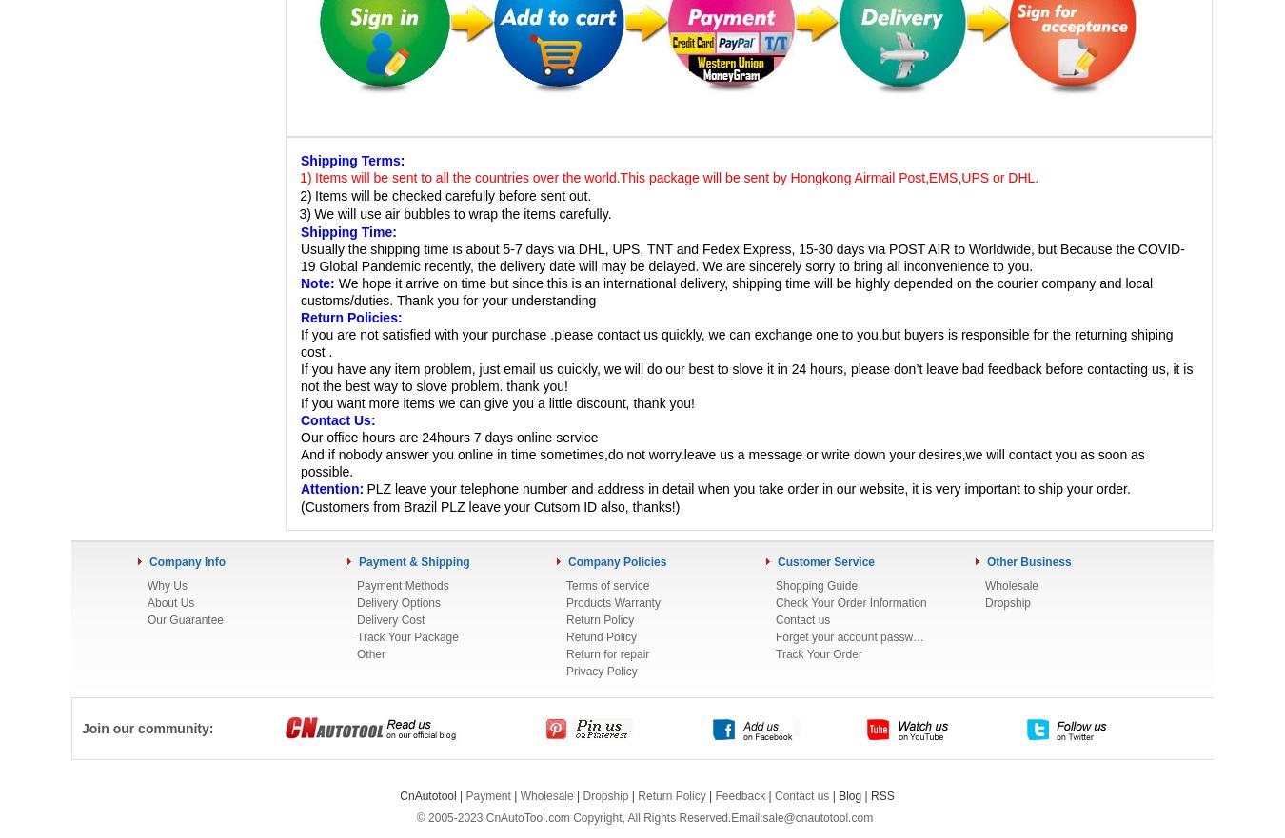 The height and width of the screenshot is (838, 1285). What do you see at coordinates (612, 601) in the screenshot?
I see `'Products Warranty'` at bounding box center [612, 601].